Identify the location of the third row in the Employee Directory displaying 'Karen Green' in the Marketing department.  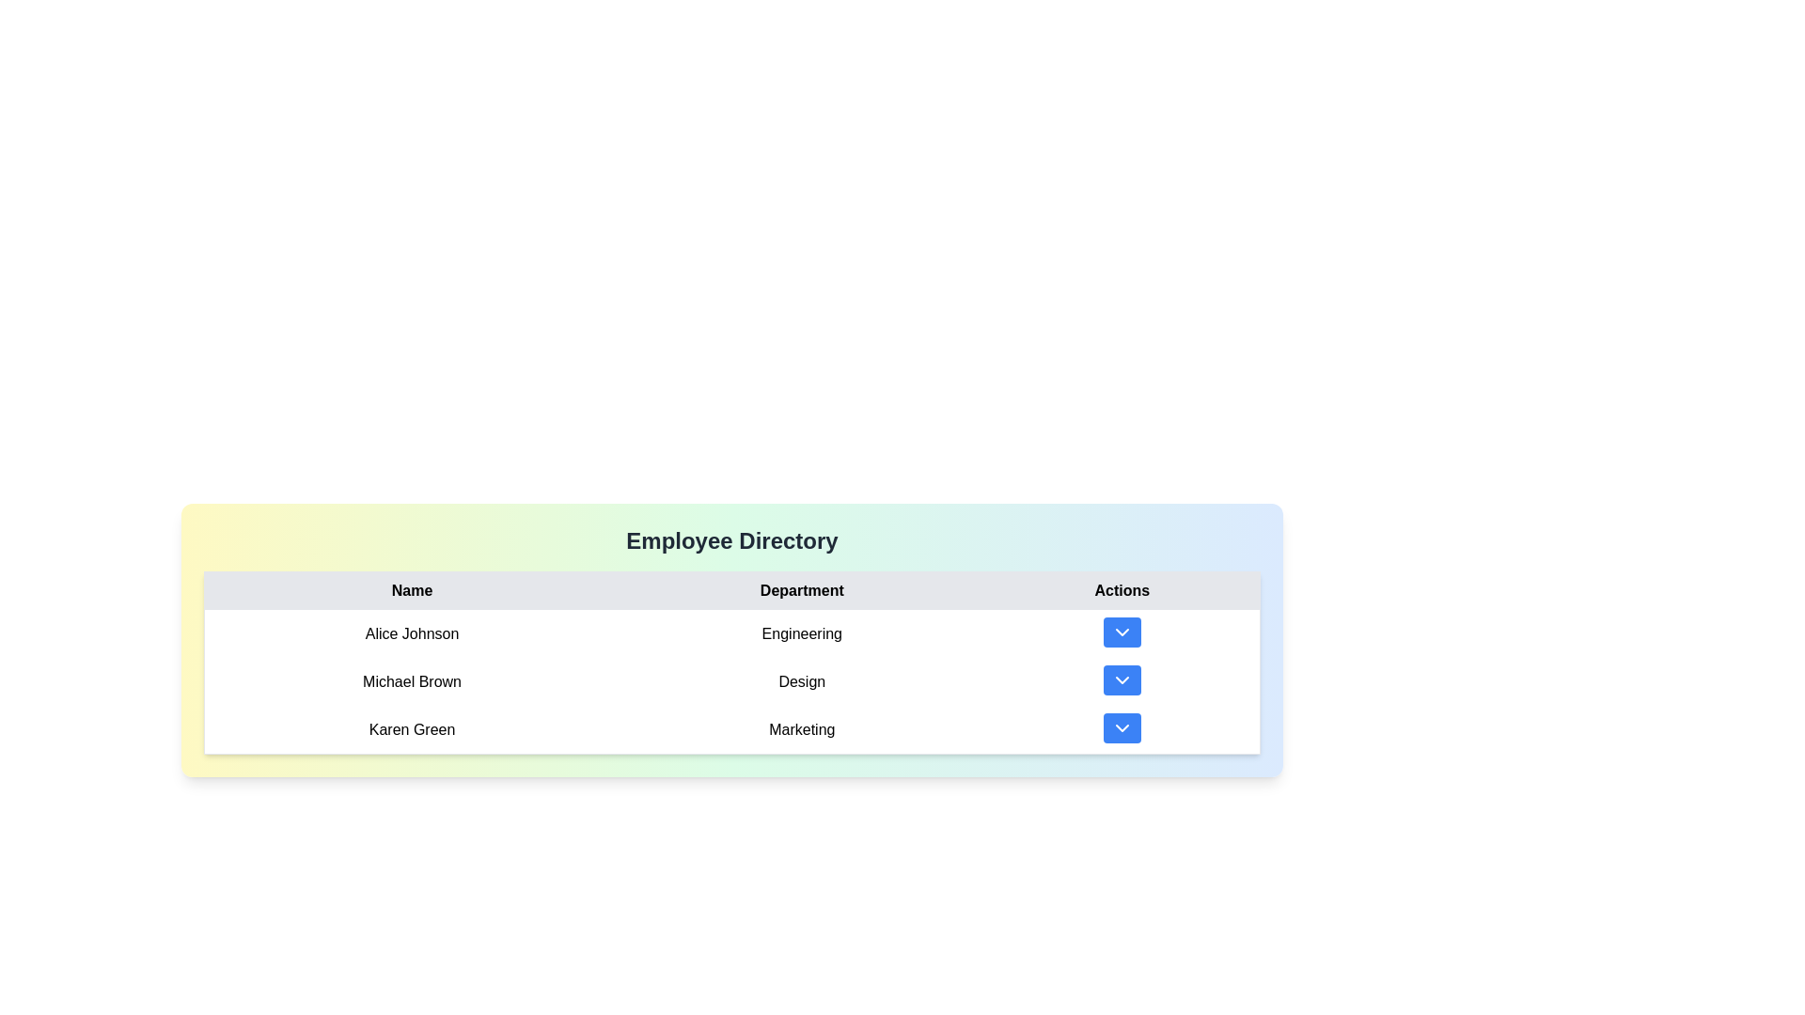
(730, 728).